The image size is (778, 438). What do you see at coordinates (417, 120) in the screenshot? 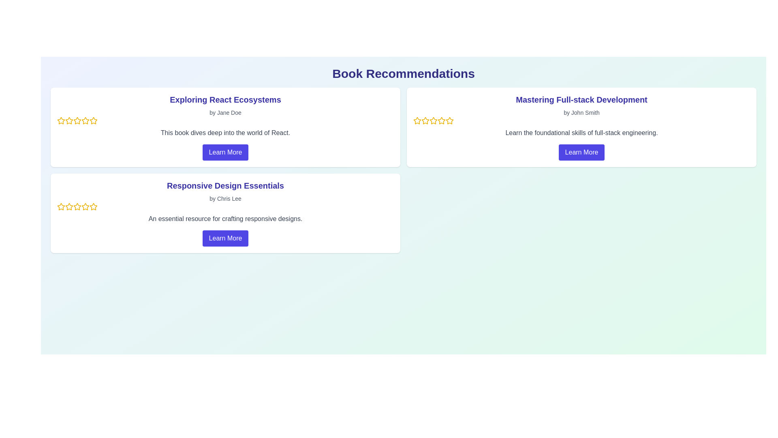
I see `the leftmost rating star icon in the card titled 'Mastering Full-stack Development'` at bounding box center [417, 120].